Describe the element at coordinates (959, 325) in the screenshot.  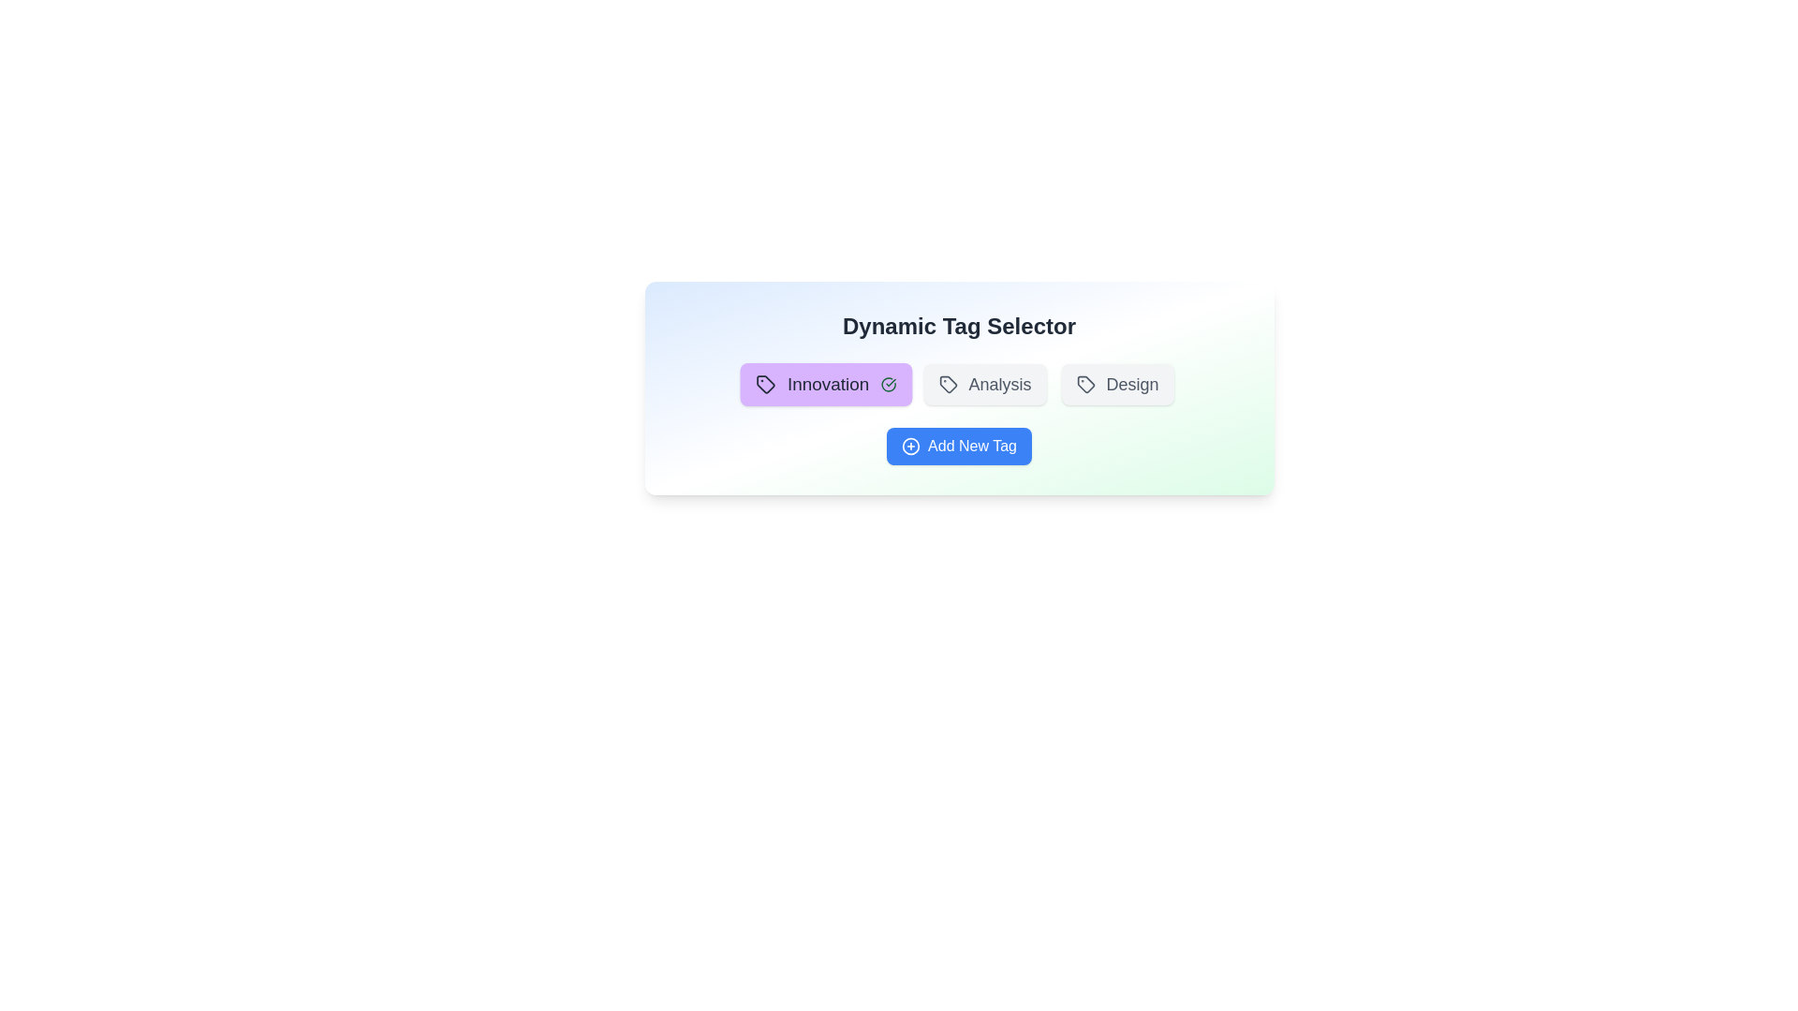
I see `the header text by clicking on it` at that location.